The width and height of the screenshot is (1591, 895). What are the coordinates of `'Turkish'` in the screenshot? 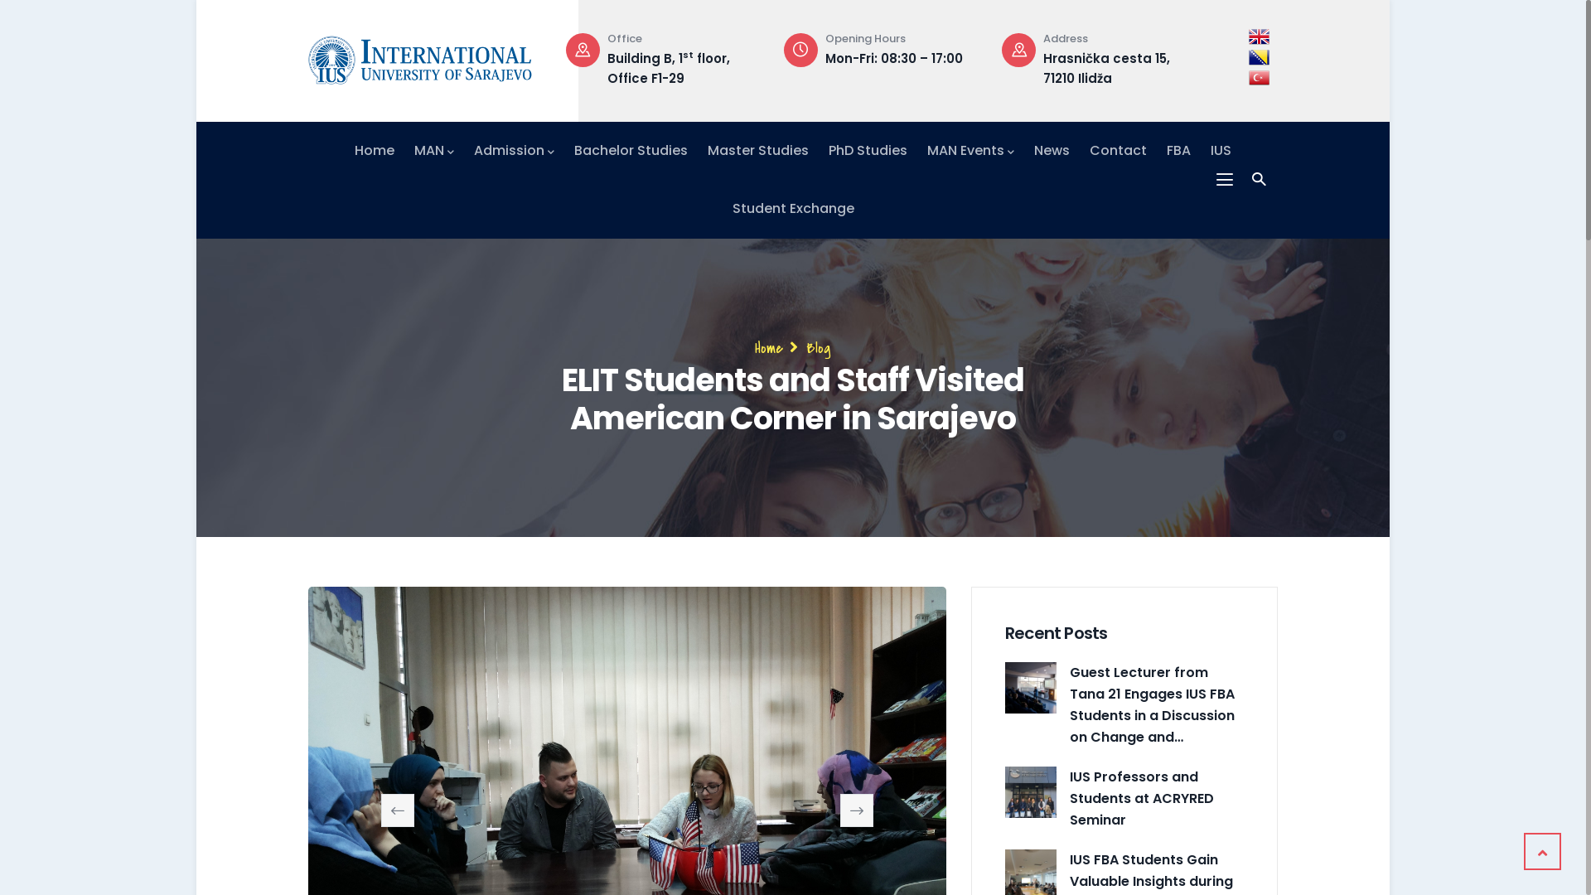 It's located at (1259, 77).